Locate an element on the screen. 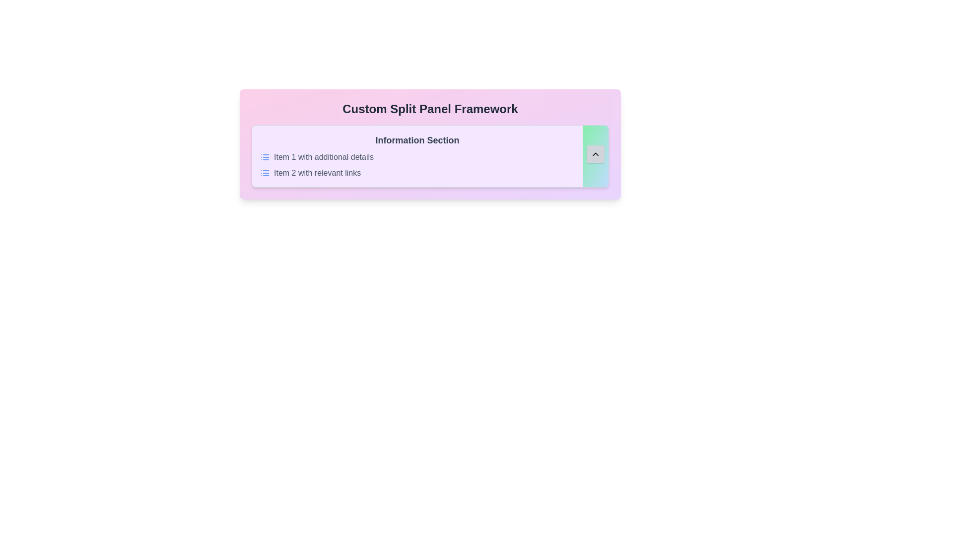  the icon representing the item category for 'Item 1 with additional details', which is positioned at the left of the text in a vertically stacked list is located at coordinates (265, 156).